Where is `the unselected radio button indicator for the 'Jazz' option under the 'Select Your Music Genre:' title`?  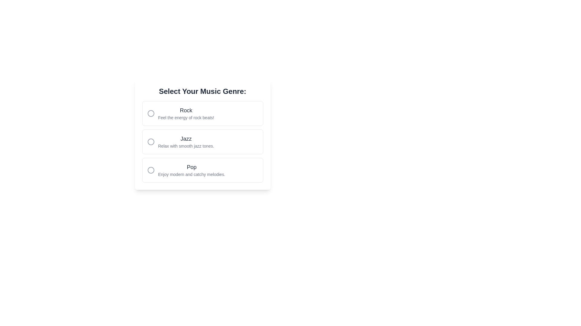
the unselected radio button indicator for the 'Jazz' option under the 'Select Your Music Genre:' title is located at coordinates (151, 142).